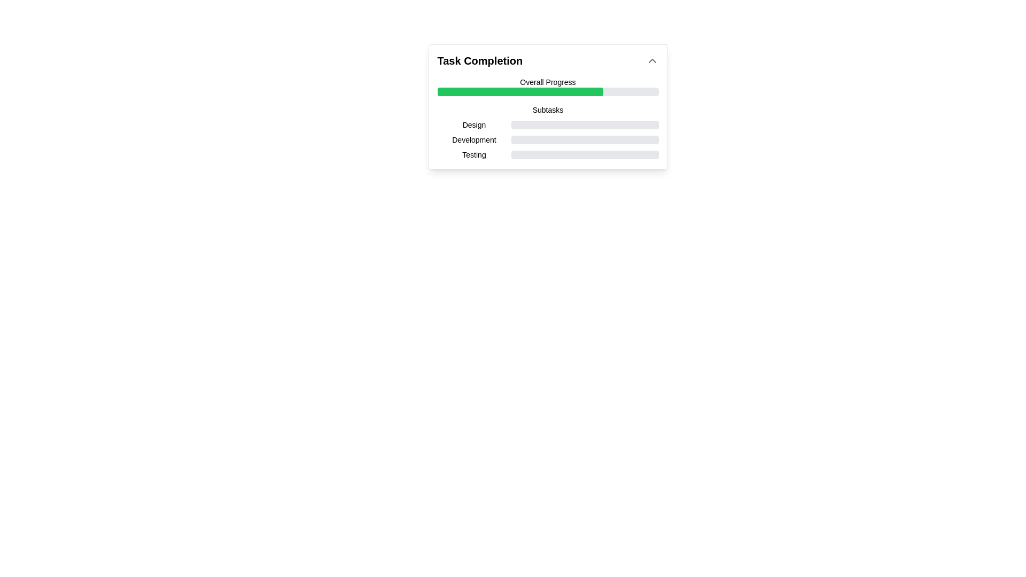 The width and height of the screenshot is (1026, 577). I want to click on the upward chevron button located to the right of the 'Task Completion' text in the header section, so click(651, 61).